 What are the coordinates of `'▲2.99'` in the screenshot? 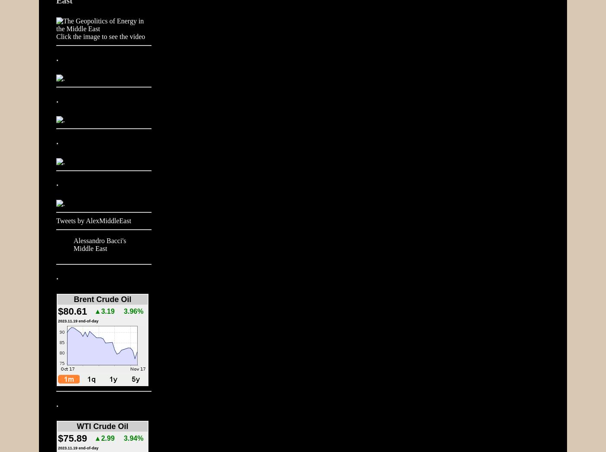 It's located at (104, 438).